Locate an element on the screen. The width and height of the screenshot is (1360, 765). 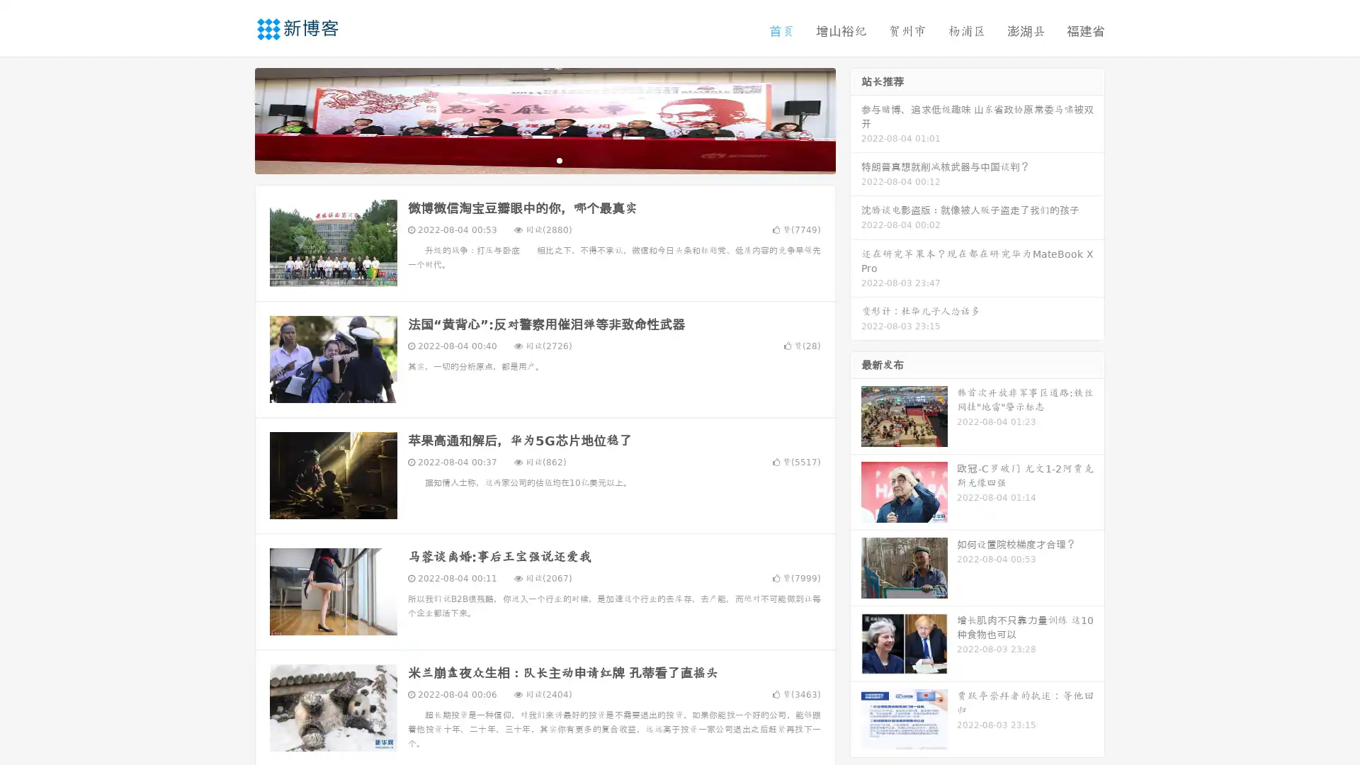
Go to slide 1 is located at coordinates (530, 159).